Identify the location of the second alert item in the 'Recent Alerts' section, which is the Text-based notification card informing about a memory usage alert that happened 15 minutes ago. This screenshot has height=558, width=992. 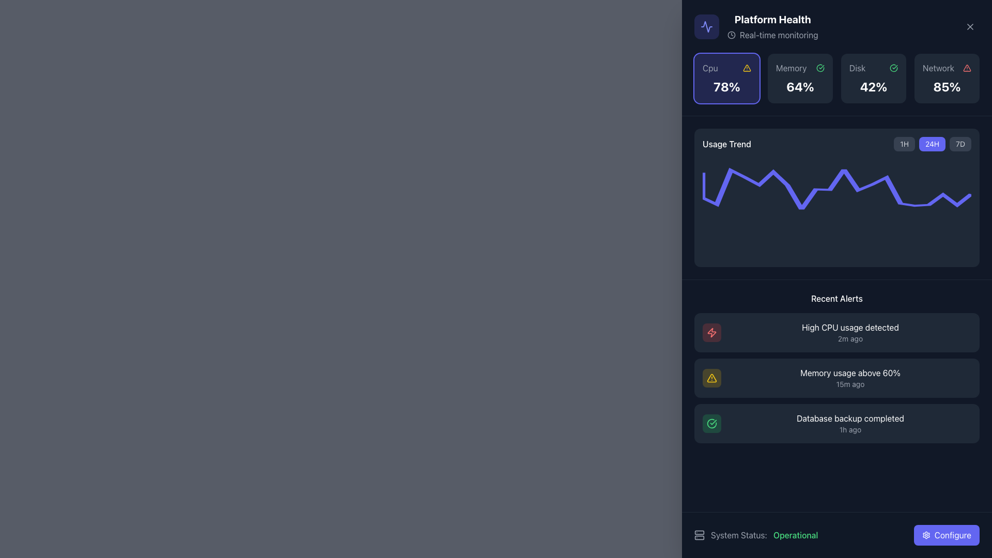
(850, 378).